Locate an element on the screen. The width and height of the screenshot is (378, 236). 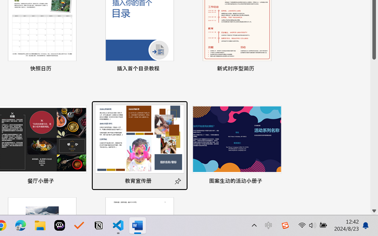
'Page down' is located at coordinates (374, 133).